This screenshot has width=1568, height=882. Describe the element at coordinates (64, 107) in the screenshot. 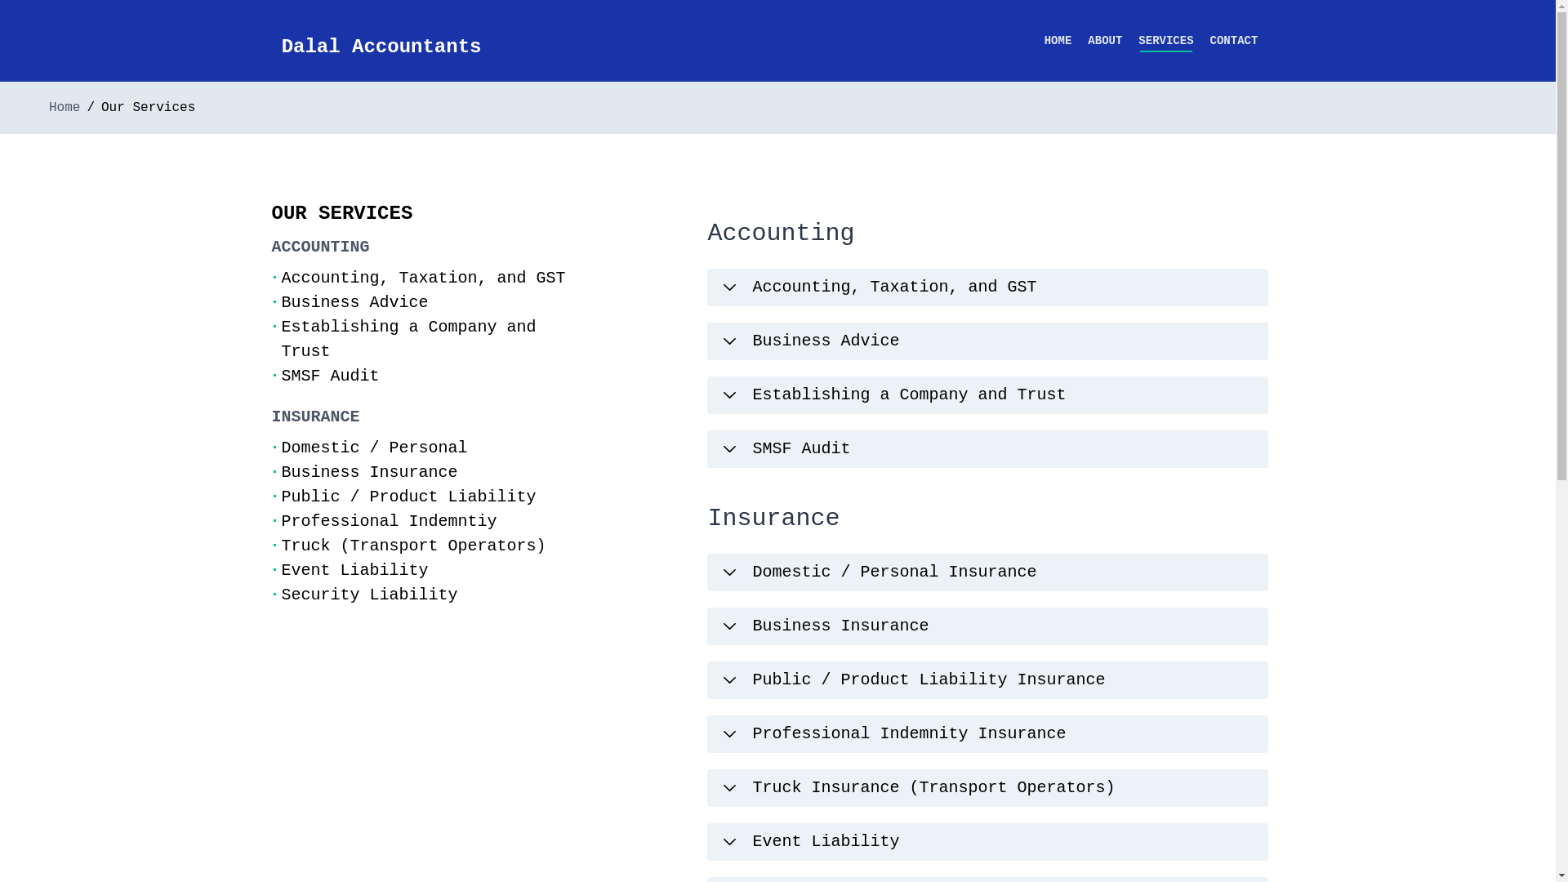

I see `'Home'` at that location.